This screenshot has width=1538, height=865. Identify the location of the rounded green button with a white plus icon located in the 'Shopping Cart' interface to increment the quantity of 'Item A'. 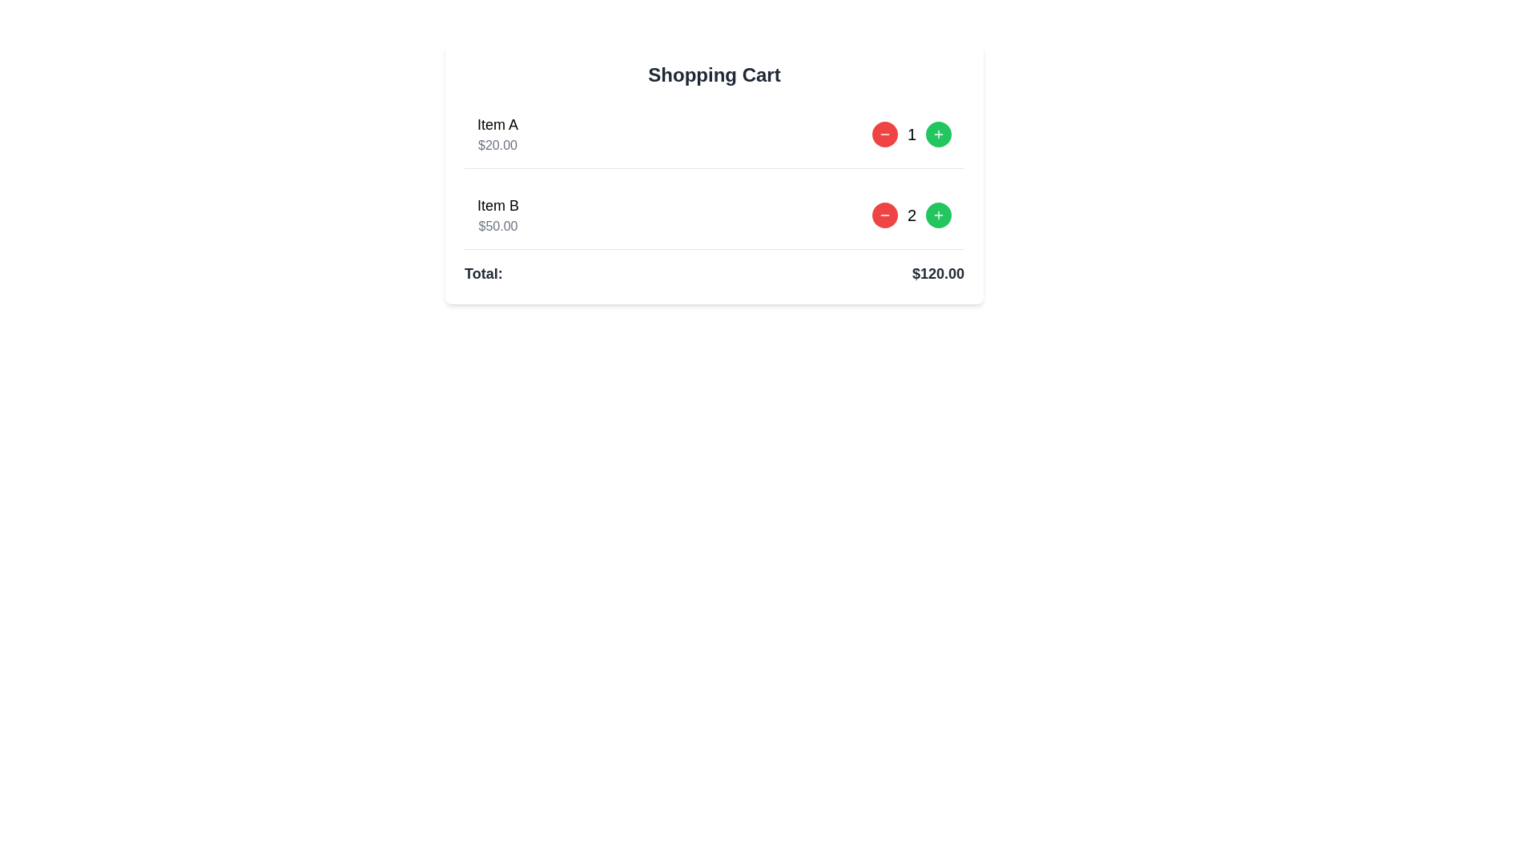
(938, 134).